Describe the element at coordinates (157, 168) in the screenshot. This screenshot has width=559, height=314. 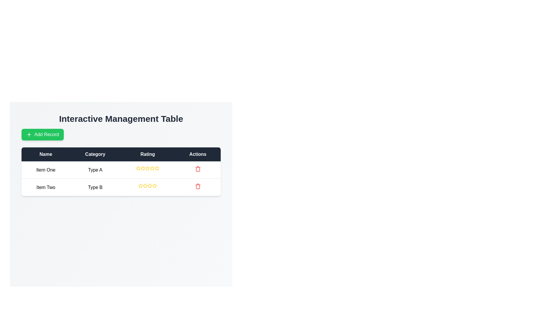
I see `the seventh star icon in the second row of the 'Interactive Management Table' under the 'Rating' column for 'Item One'` at that location.